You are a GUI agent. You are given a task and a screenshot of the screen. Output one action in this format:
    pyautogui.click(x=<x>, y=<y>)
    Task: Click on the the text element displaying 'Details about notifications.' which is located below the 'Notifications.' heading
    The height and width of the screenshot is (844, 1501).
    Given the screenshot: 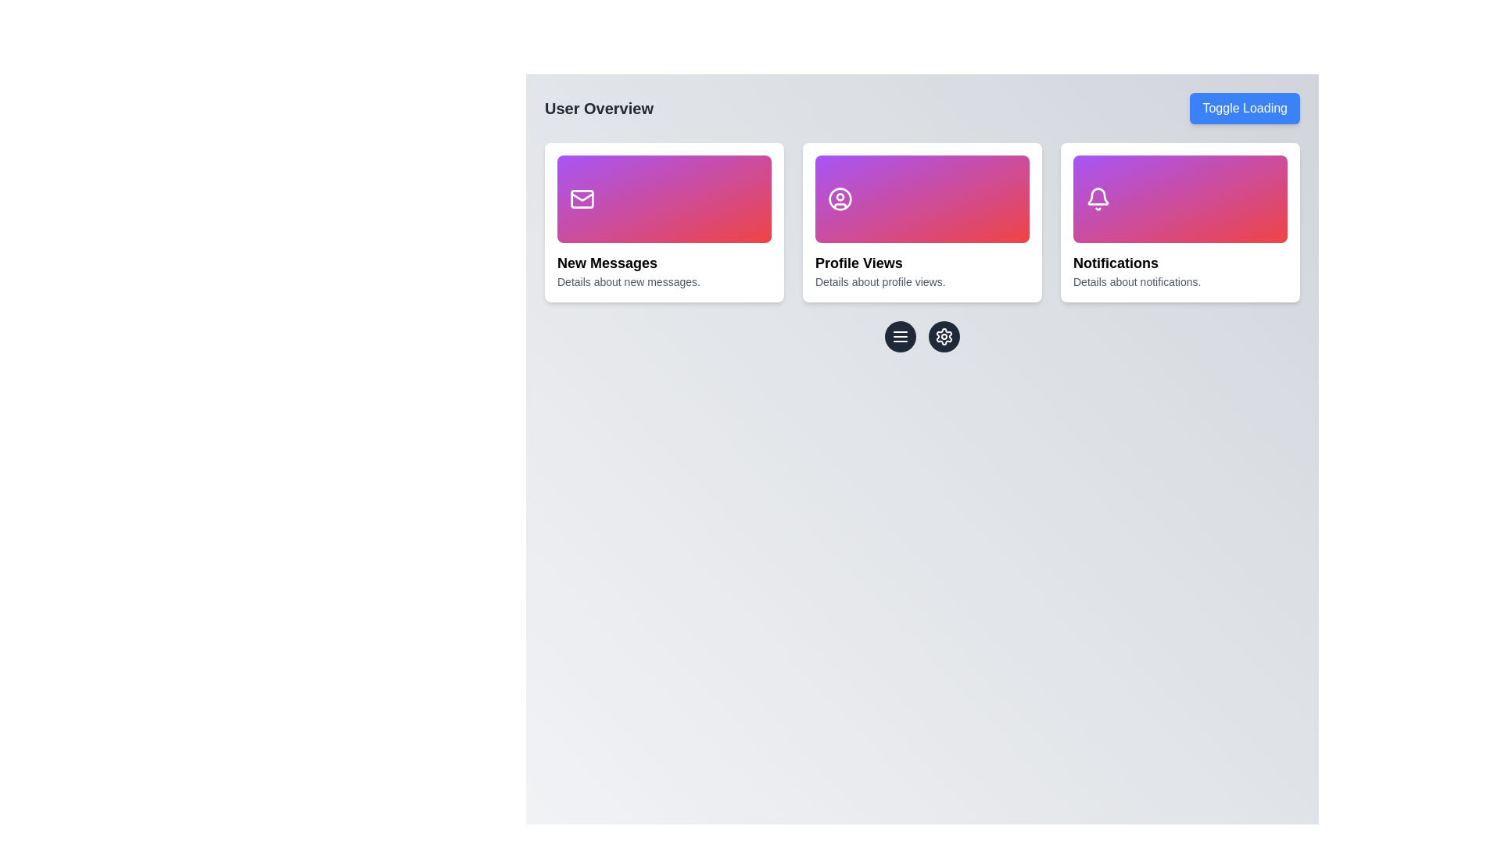 What is the action you would take?
    pyautogui.click(x=1137, y=282)
    